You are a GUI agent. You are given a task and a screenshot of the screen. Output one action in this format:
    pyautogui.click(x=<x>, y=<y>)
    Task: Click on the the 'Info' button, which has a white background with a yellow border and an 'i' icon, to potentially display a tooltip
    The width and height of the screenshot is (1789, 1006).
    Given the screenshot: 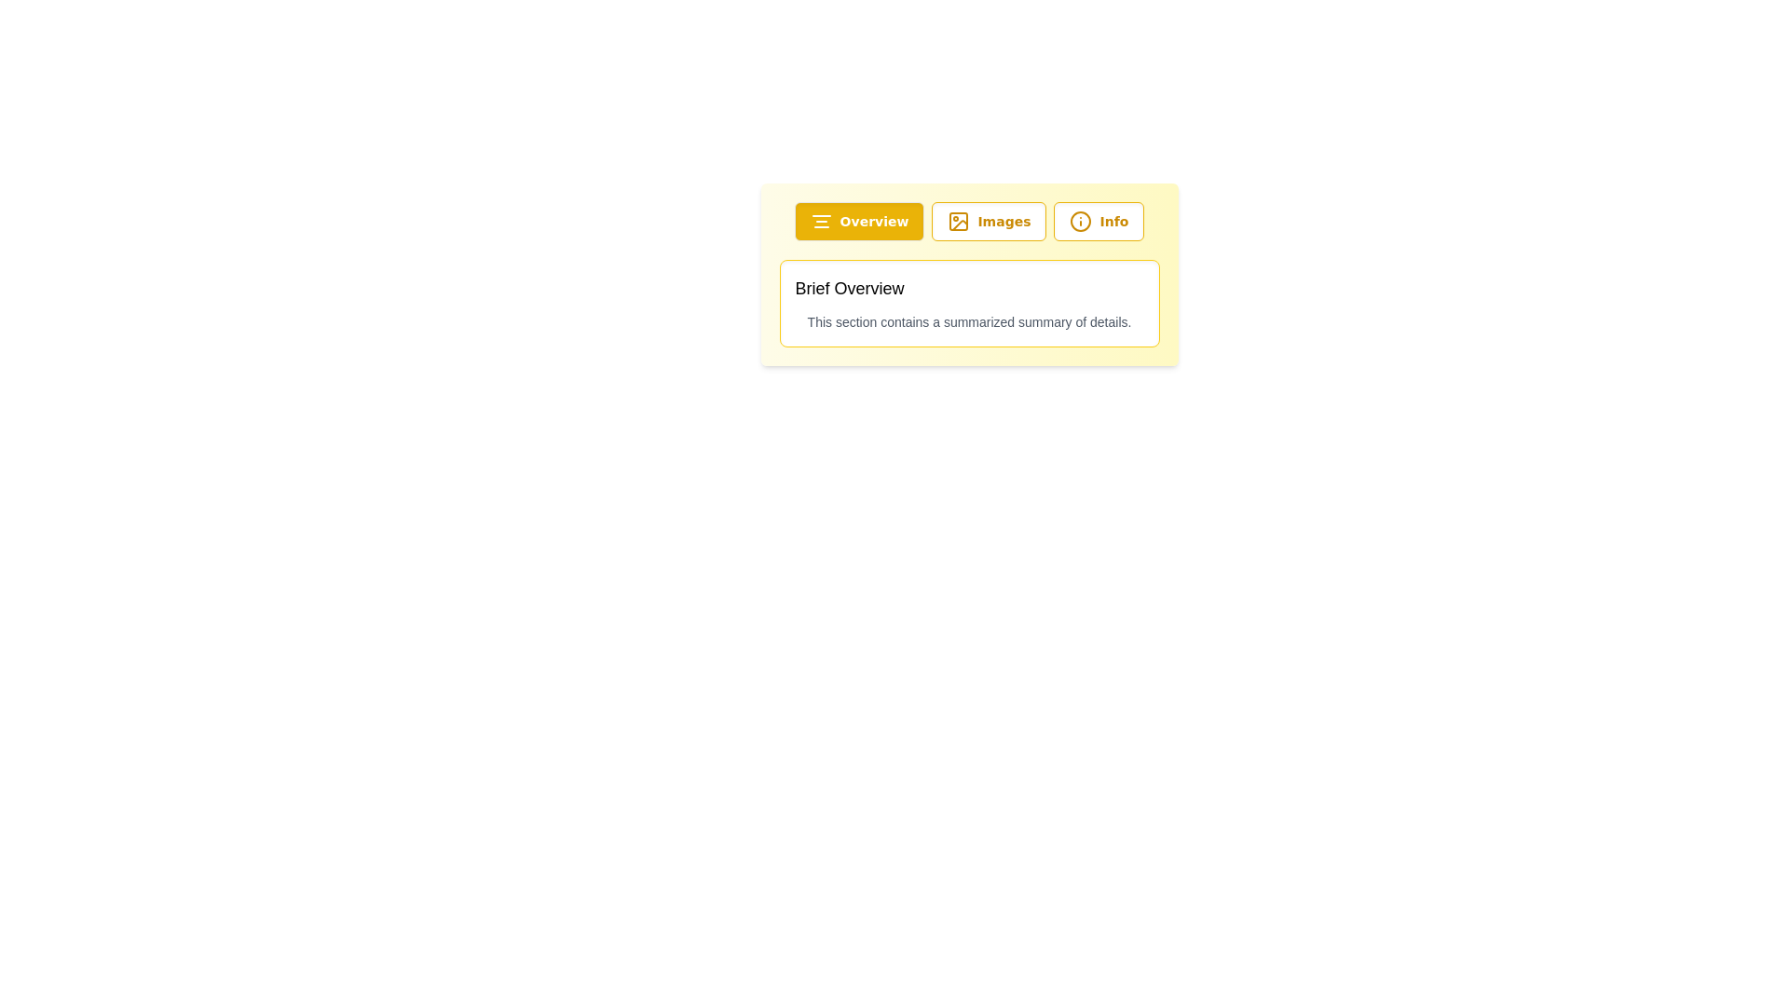 What is the action you would take?
    pyautogui.click(x=1099, y=221)
    